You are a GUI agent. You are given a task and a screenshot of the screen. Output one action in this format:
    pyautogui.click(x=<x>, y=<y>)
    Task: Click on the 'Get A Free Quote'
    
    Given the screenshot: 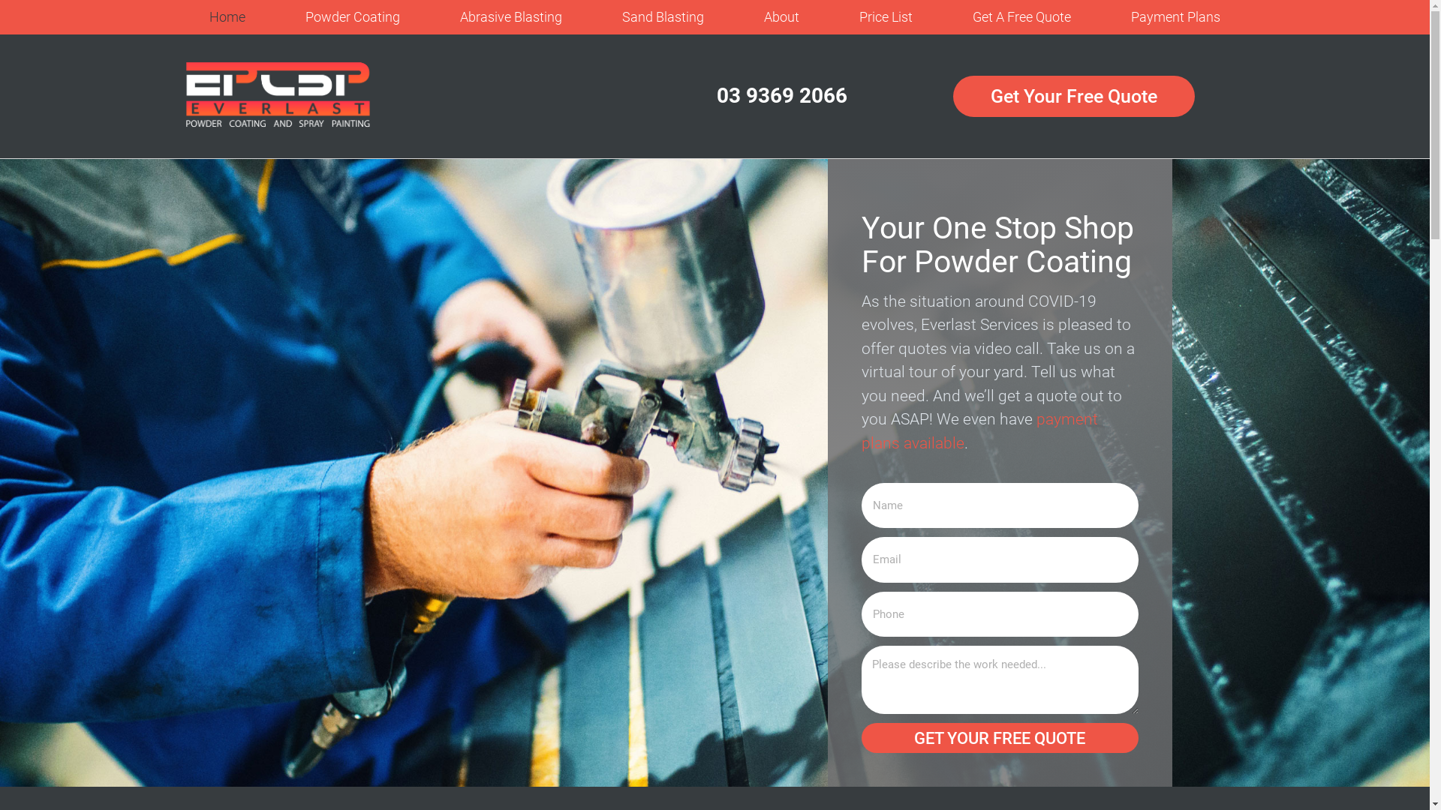 What is the action you would take?
    pyautogui.click(x=942, y=17)
    